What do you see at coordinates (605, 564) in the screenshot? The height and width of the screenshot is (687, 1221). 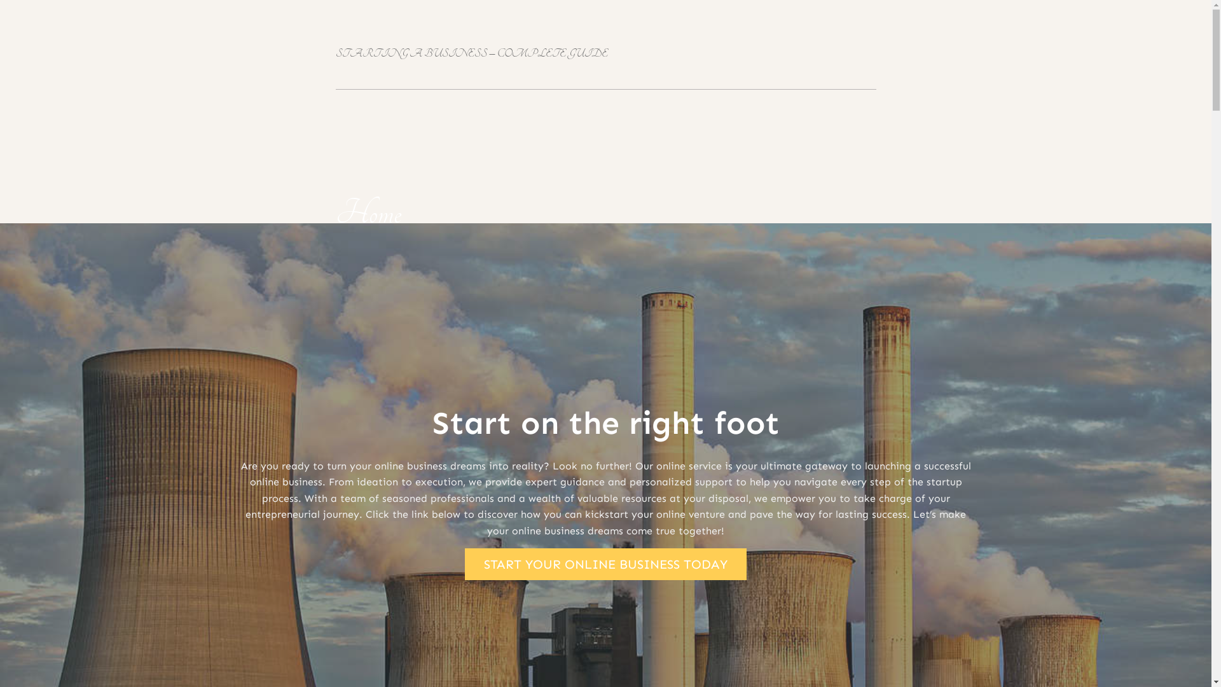 I see `'START YOUR ONLINE BUSINESS TODAY'` at bounding box center [605, 564].